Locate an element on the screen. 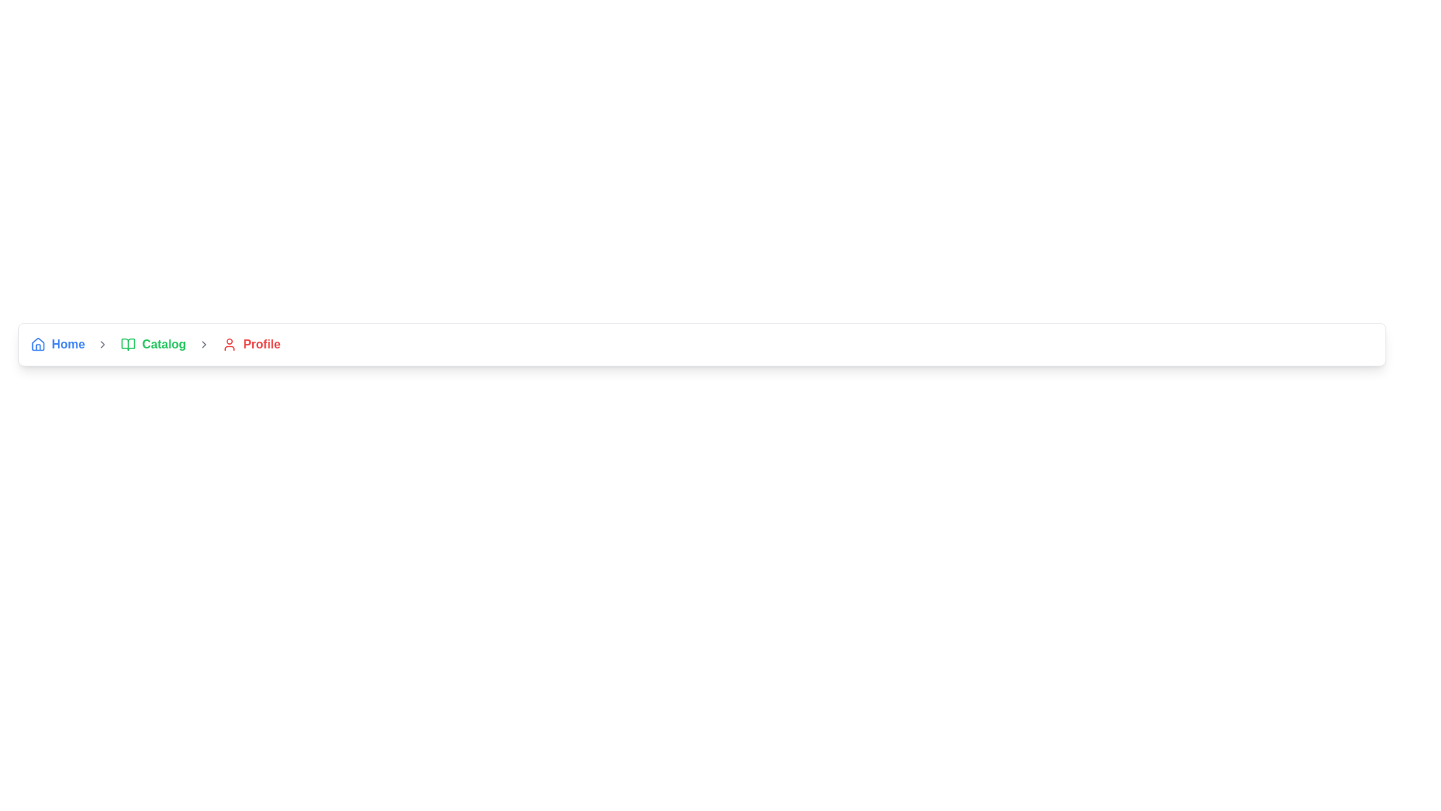  the 'Catalog' icon in the navigation bar, which is the leftmost component in the group that includes the 'Catalog' text is located at coordinates (128, 345).